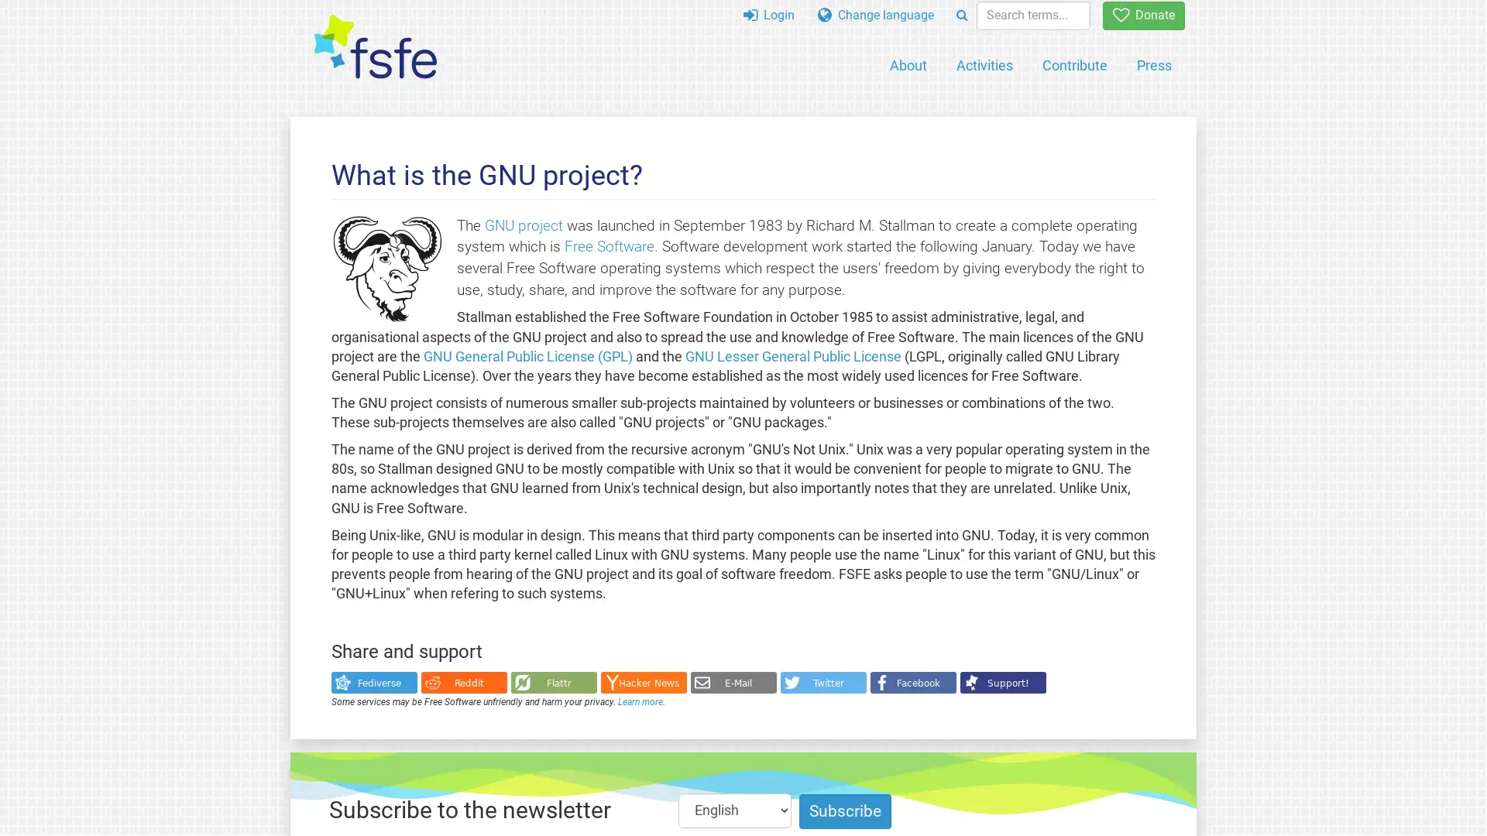 This screenshot has height=836, width=1487. Describe the element at coordinates (643, 682) in the screenshot. I see `Hacker News` at that location.